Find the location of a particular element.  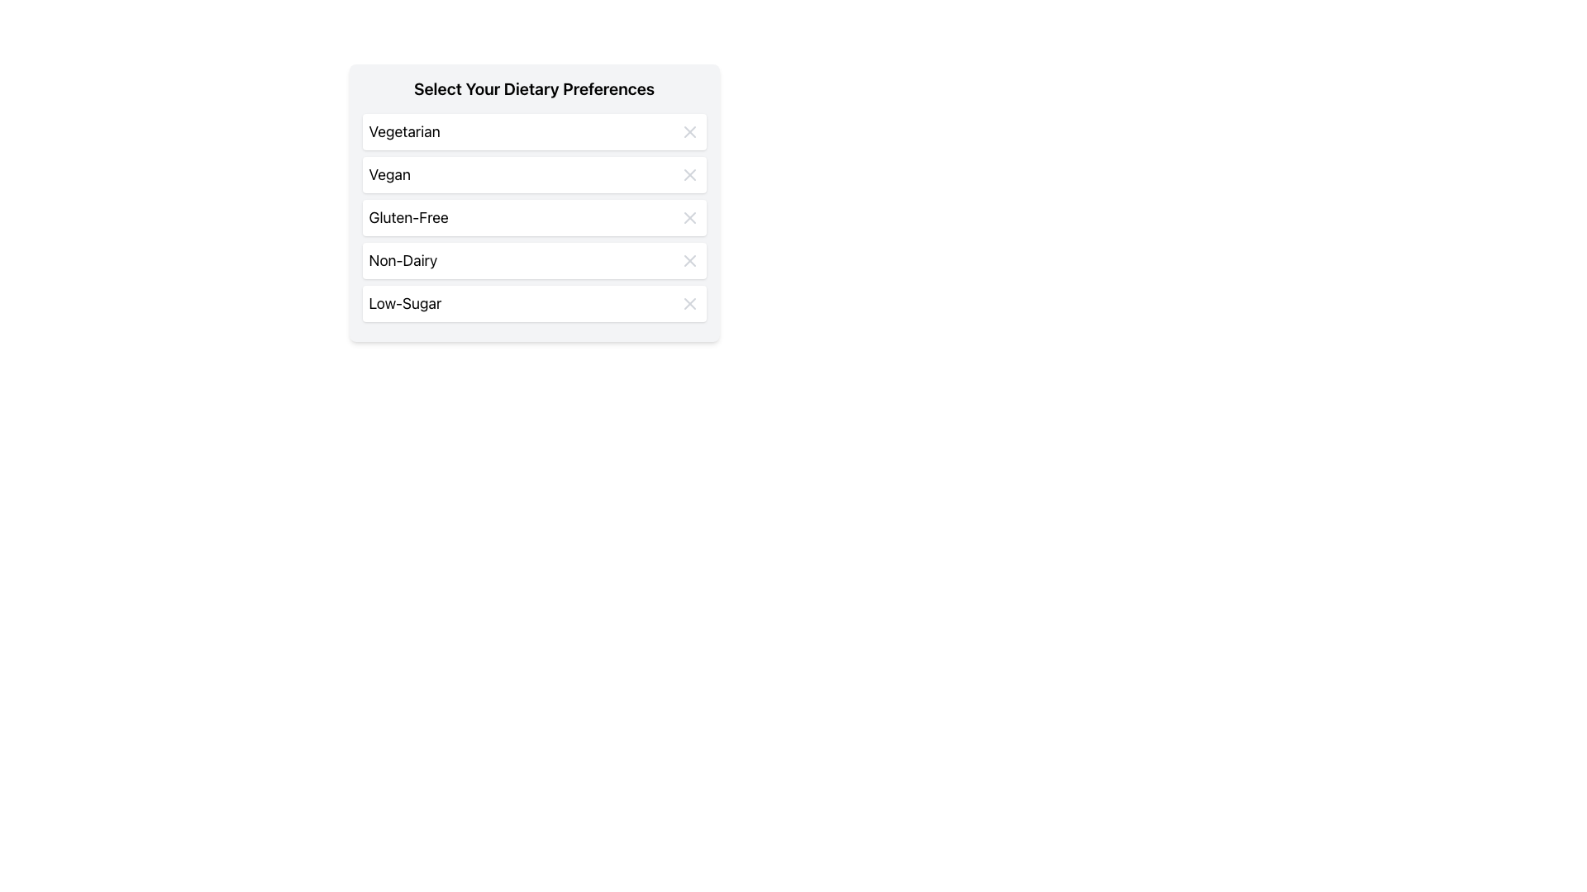

the Close icon located on the far right of the 'Non-Dairy' row is located at coordinates (689, 260).